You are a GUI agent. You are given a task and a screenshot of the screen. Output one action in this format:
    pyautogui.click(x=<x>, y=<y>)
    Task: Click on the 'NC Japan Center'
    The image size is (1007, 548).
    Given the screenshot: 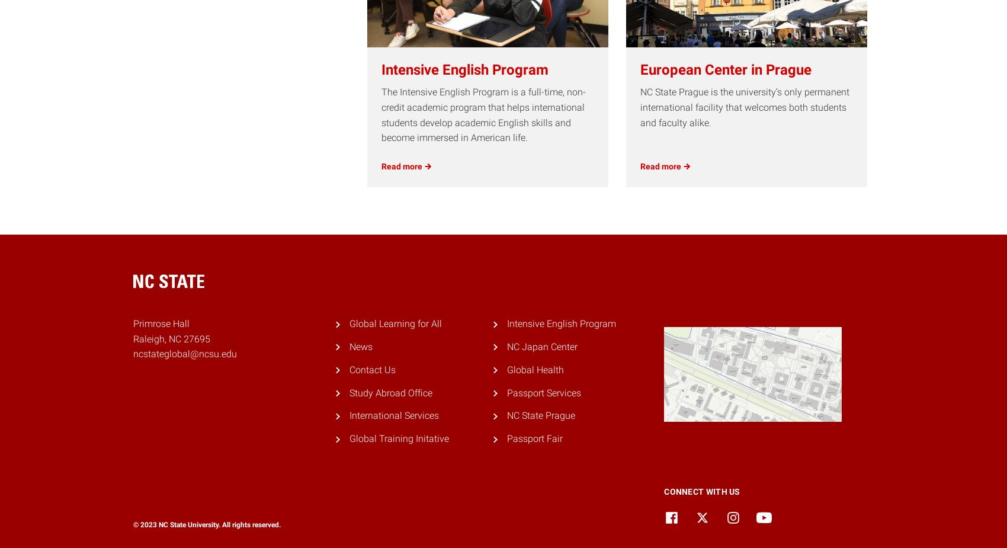 What is the action you would take?
    pyautogui.click(x=541, y=346)
    